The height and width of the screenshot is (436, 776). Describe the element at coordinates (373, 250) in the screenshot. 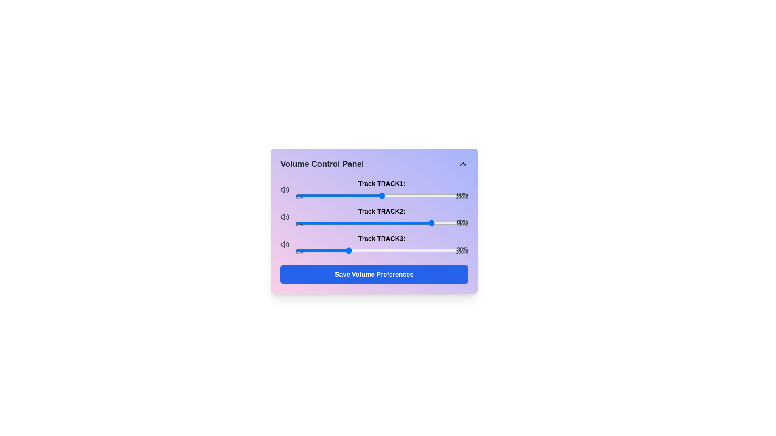

I see `the volume of Track TRACK3` at that location.